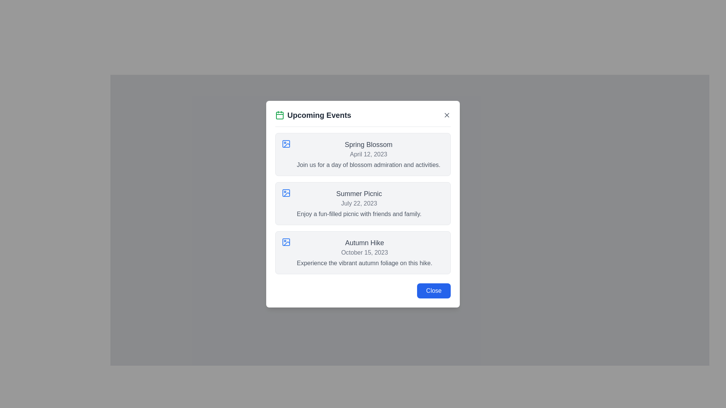 This screenshot has height=408, width=726. I want to click on event details from the Event information card, which is the second card in a vertically arranged list, centered horizontally and positioned below the 'Spring Blossom' card, so click(363, 203).